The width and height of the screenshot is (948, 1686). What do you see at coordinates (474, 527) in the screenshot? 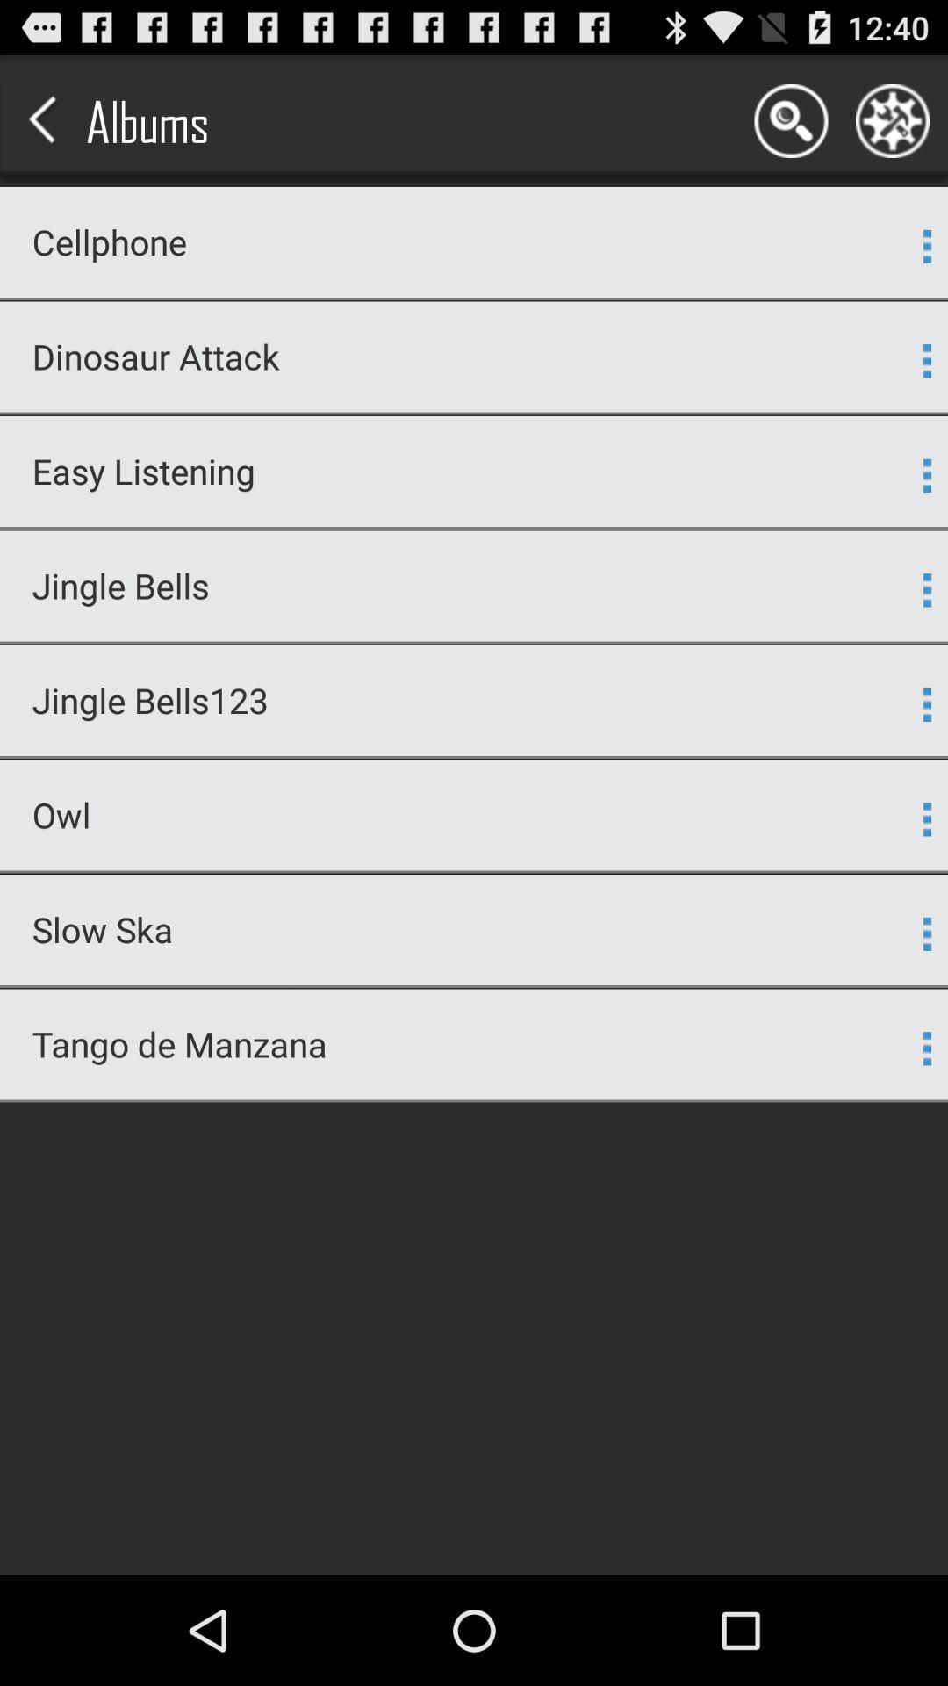
I see `the icon above jingle bells item` at bounding box center [474, 527].